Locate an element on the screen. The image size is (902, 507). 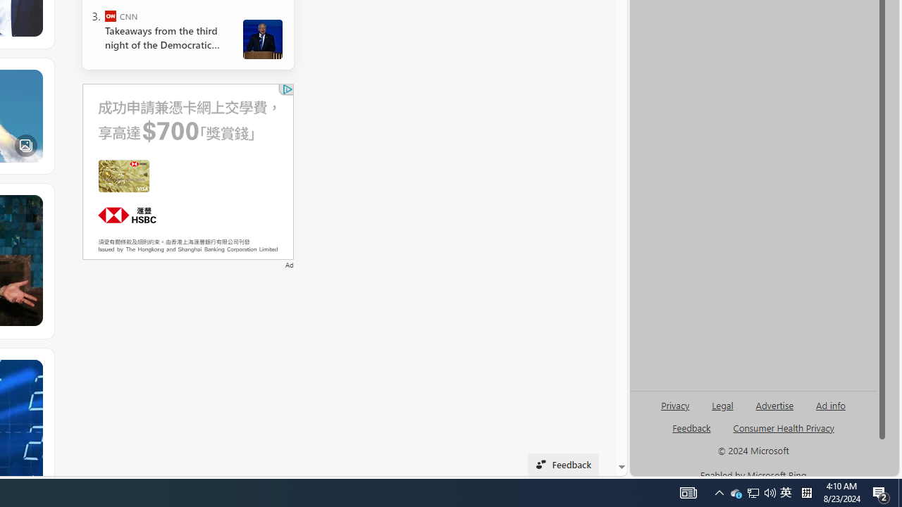
'Class: qc-adchoices-icon' is located at coordinates (287, 89).